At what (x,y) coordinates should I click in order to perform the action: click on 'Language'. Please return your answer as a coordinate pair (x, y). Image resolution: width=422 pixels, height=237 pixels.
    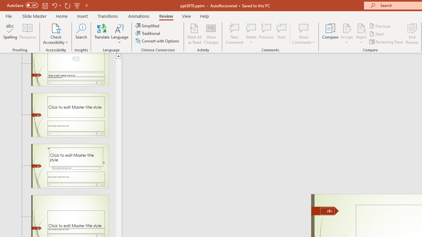
    Looking at the image, I should click on (120, 34).